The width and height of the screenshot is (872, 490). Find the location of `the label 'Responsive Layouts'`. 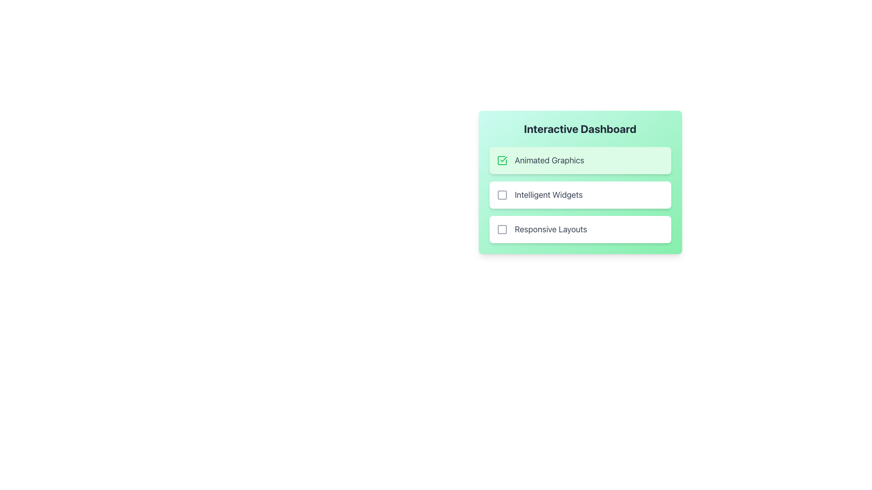

the label 'Responsive Layouts' is located at coordinates (542, 229).